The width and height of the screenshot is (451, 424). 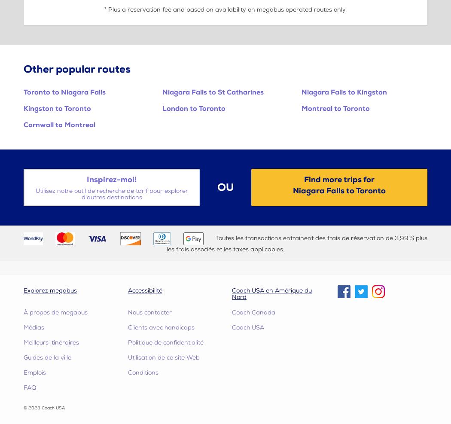 I want to click on 'Inspirez-moi!', so click(x=111, y=179).